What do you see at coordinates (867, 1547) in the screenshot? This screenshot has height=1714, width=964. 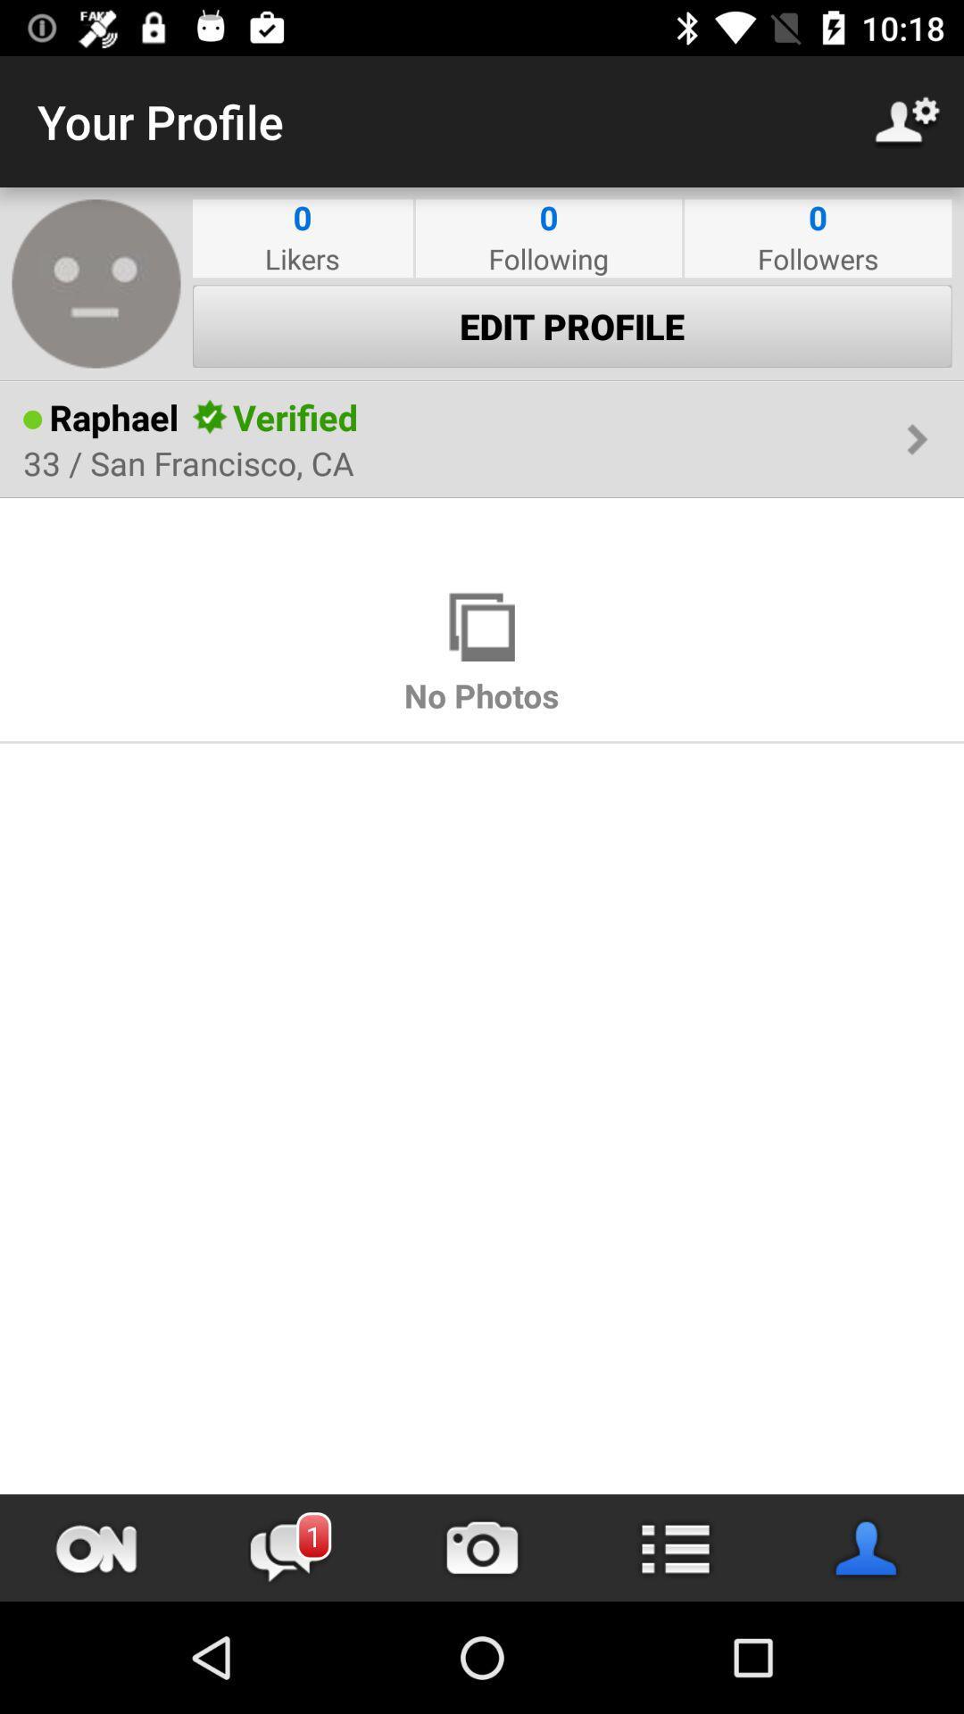 I see `user information` at bounding box center [867, 1547].